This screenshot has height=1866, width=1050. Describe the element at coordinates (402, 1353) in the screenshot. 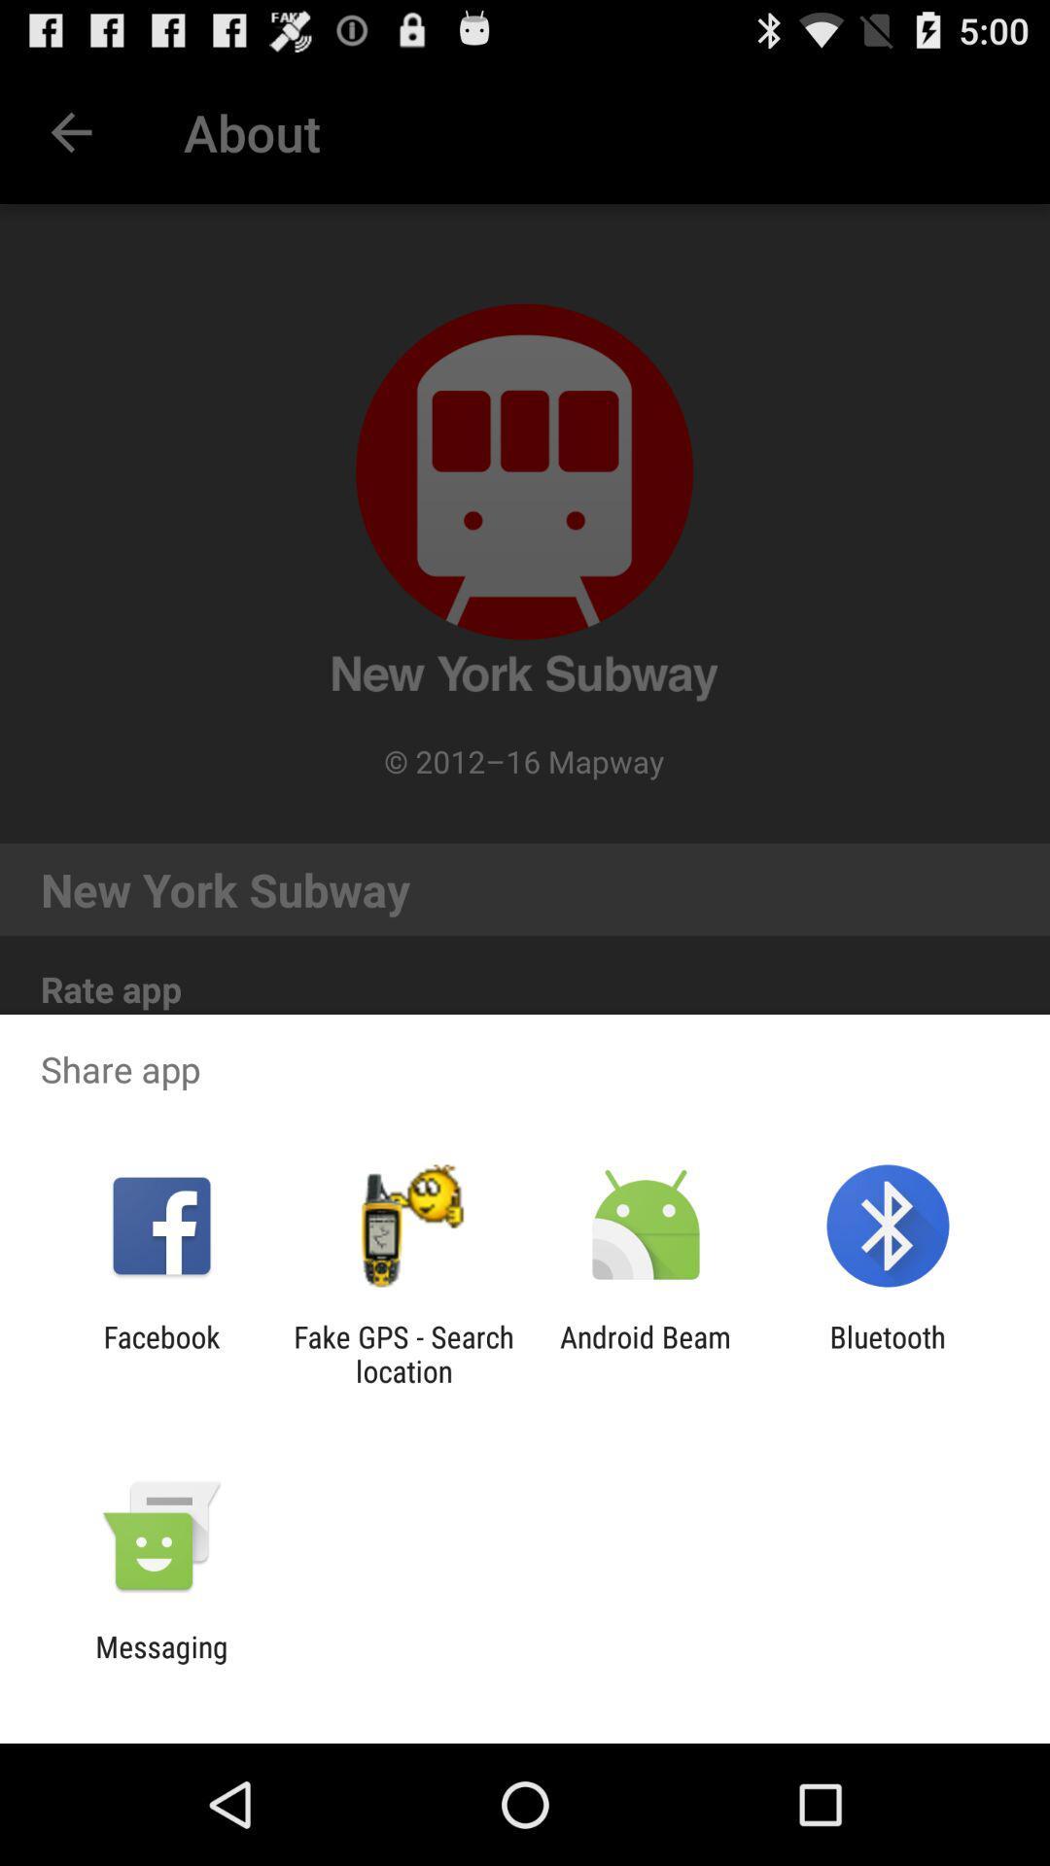

I see `fake gps search app` at that location.